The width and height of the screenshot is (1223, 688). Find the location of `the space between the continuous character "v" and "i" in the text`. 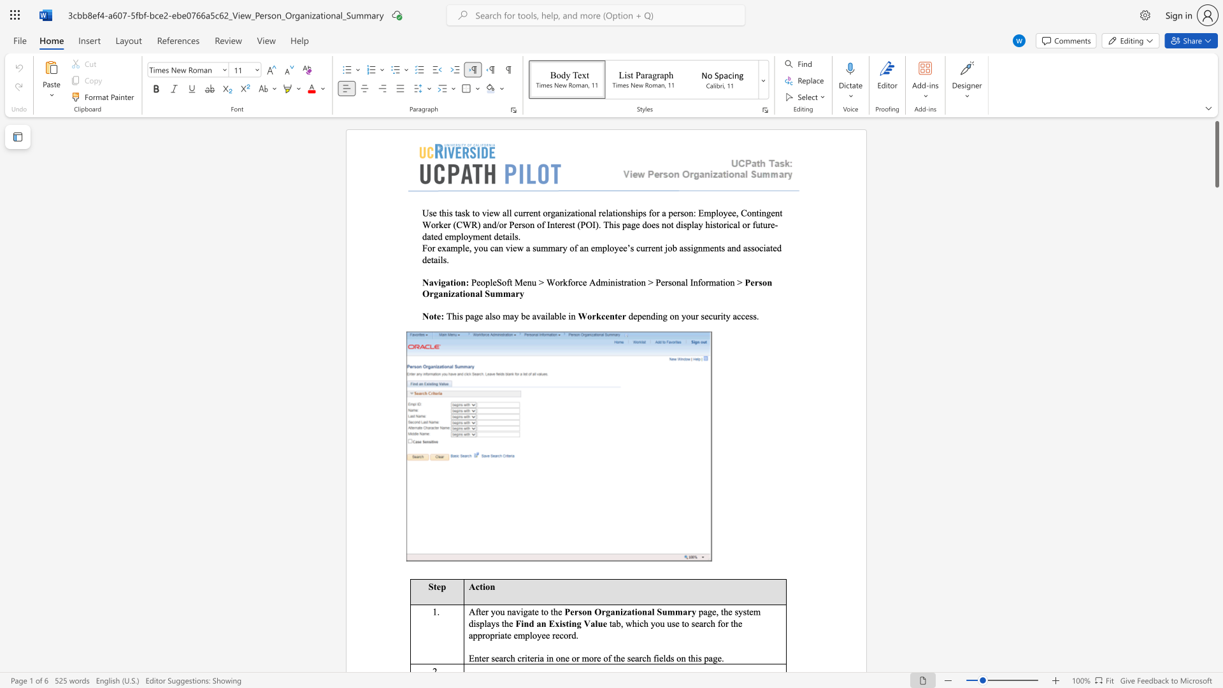

the space between the continuous character "v" and "i" in the text is located at coordinates (438, 282).